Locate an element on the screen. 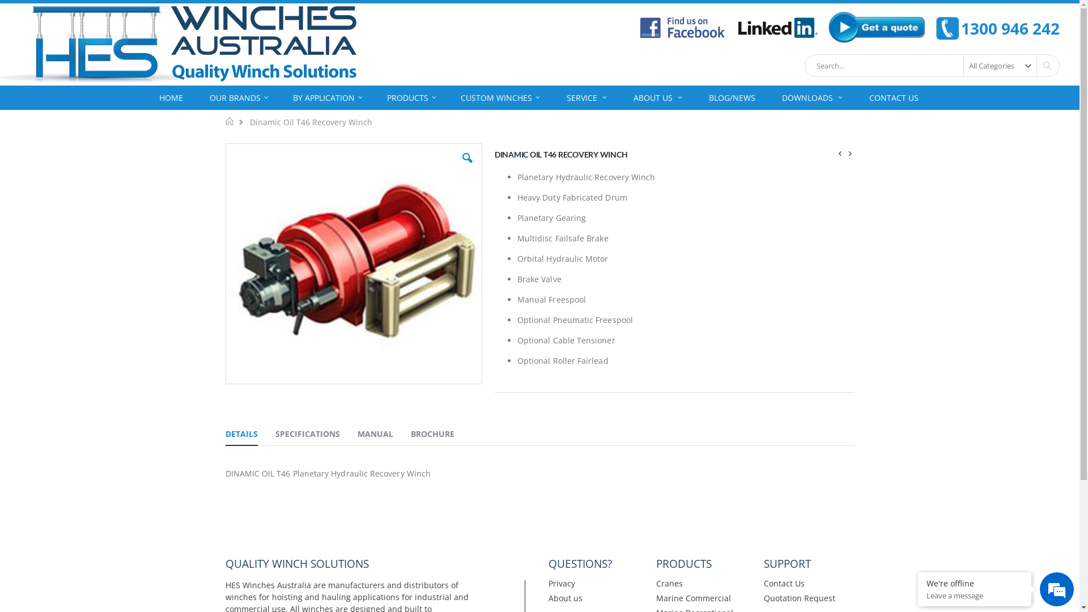 The image size is (1088, 612). 'PRODUCTS' is located at coordinates (411, 97).